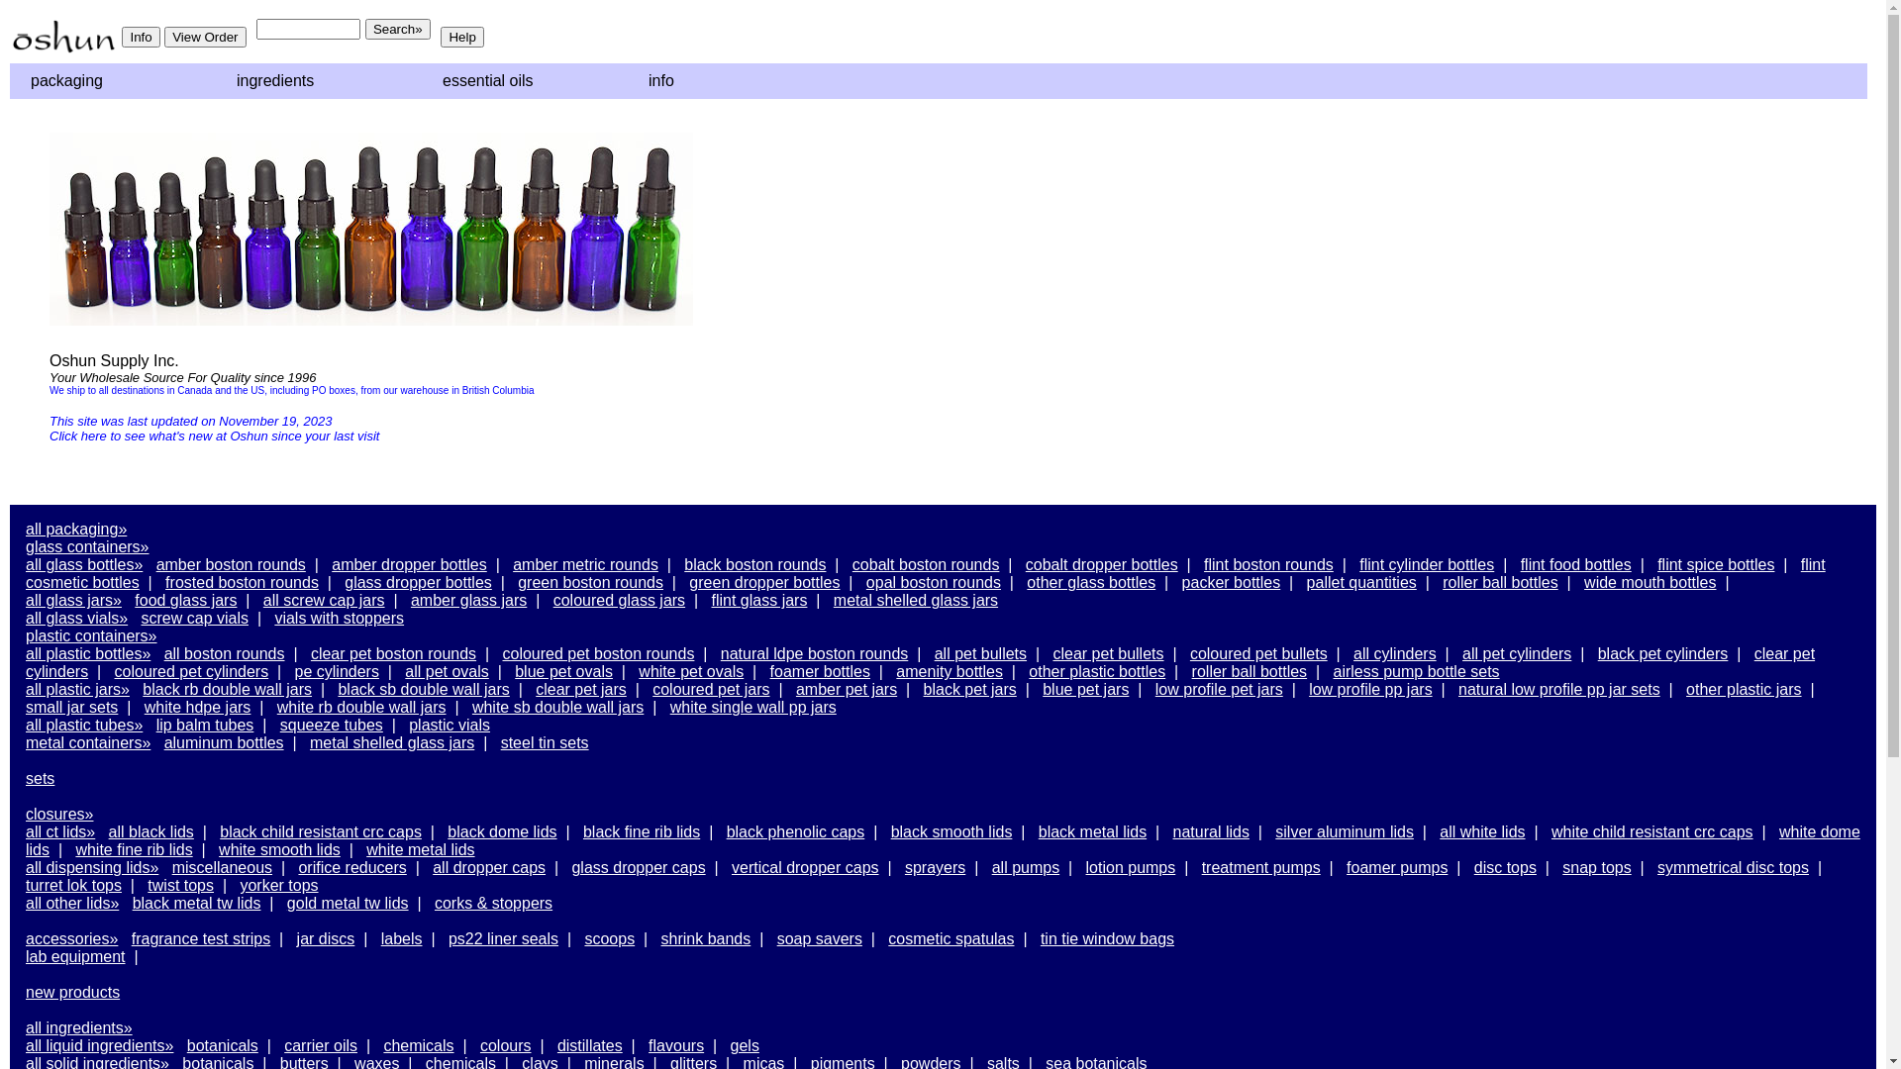  Describe the element at coordinates (752, 706) in the screenshot. I see `'white single wall pp jars'` at that location.